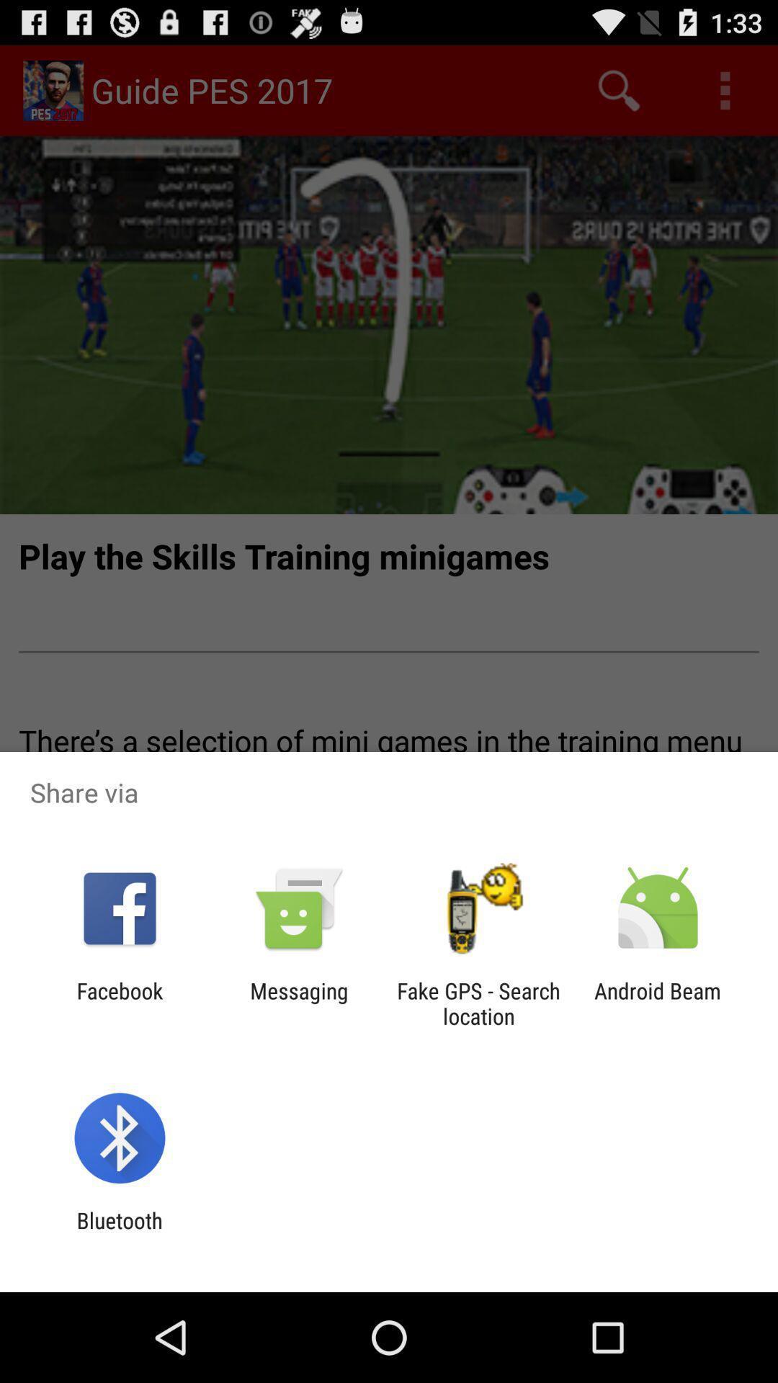  What do you see at coordinates (119, 1003) in the screenshot?
I see `icon to the left of the messaging item` at bounding box center [119, 1003].